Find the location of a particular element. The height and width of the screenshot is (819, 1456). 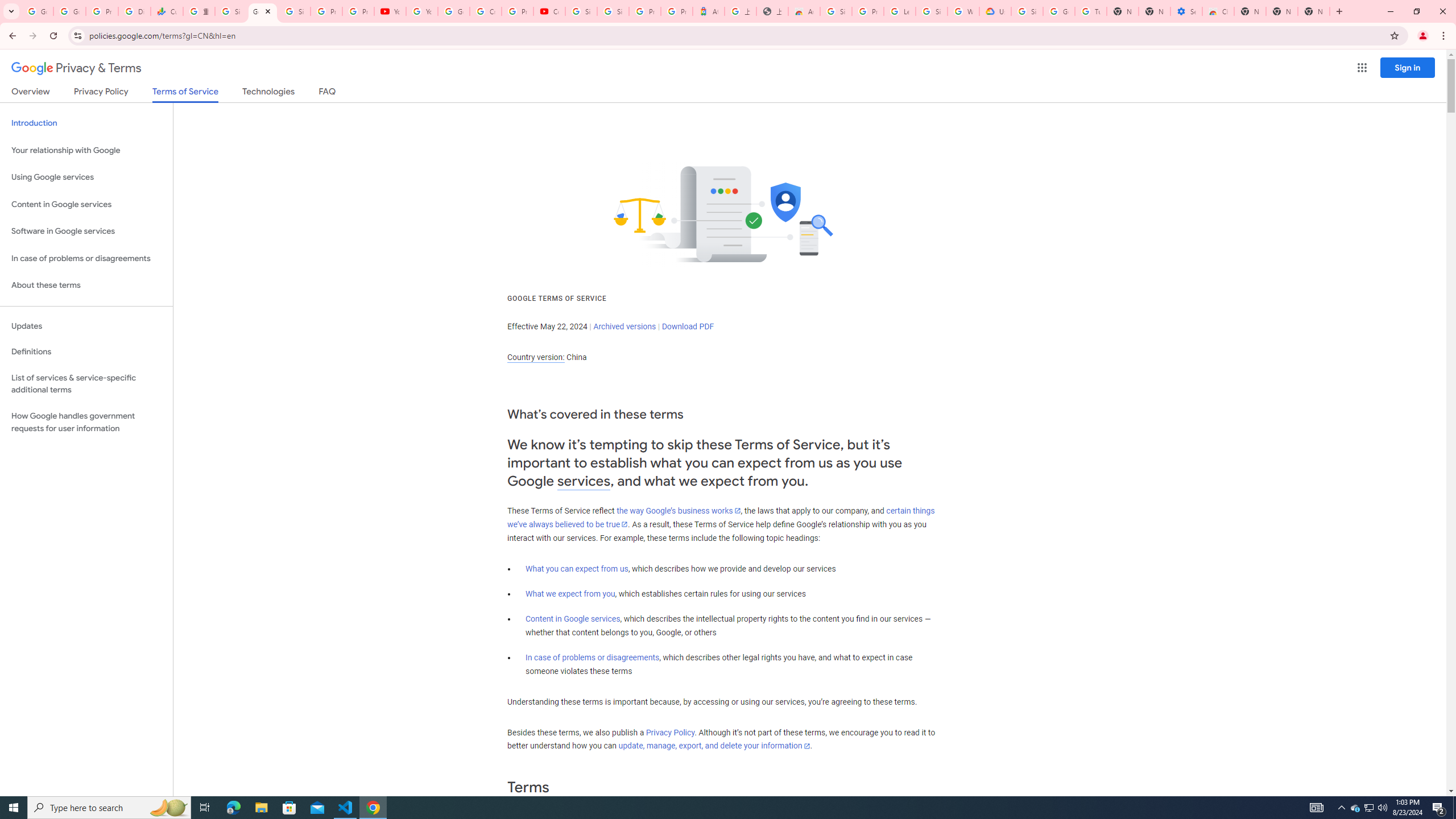

'Awesome Screen Recorder & Screenshot - Chrome Web Store' is located at coordinates (804, 11).